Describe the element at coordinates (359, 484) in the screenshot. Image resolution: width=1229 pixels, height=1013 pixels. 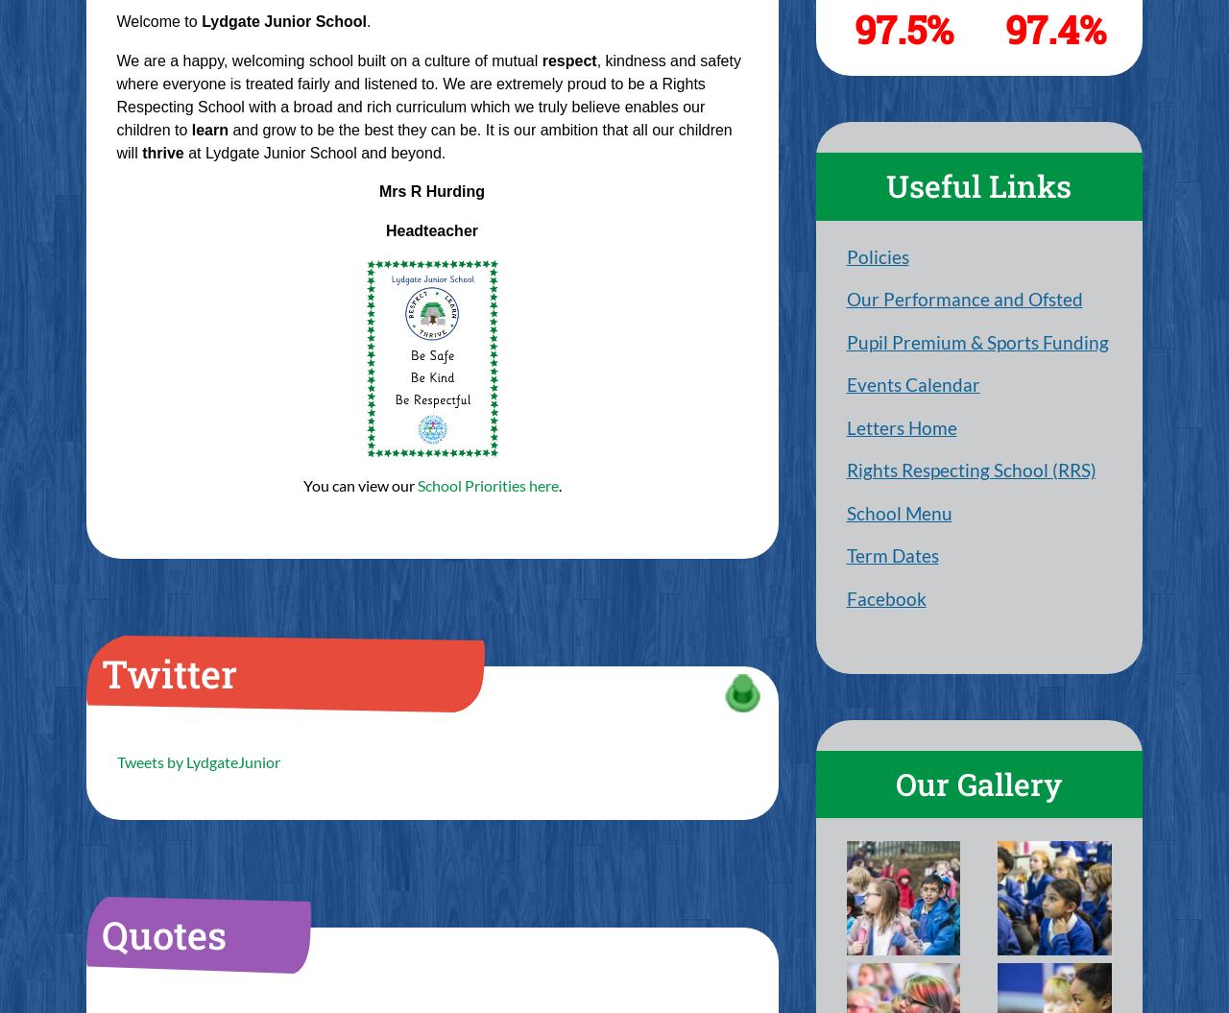
I see `'You can view our'` at that location.